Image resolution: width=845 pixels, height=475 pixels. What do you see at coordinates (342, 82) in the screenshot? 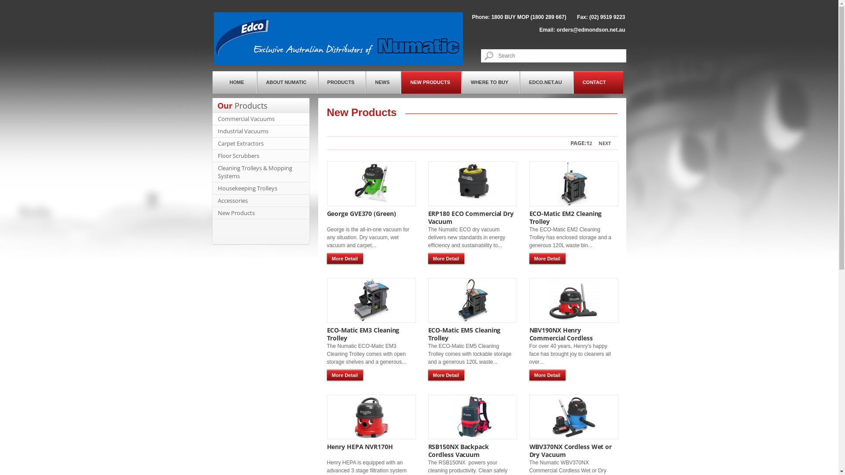
I see `'PRODUCTS'` at bounding box center [342, 82].